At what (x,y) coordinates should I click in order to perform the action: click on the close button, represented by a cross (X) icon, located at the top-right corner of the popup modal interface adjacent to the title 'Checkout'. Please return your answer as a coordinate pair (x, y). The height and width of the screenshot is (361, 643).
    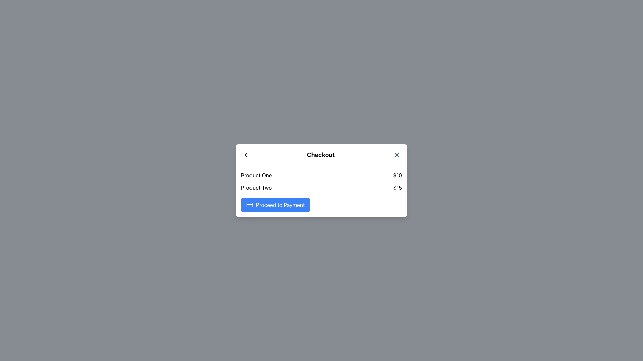
    Looking at the image, I should click on (397, 155).